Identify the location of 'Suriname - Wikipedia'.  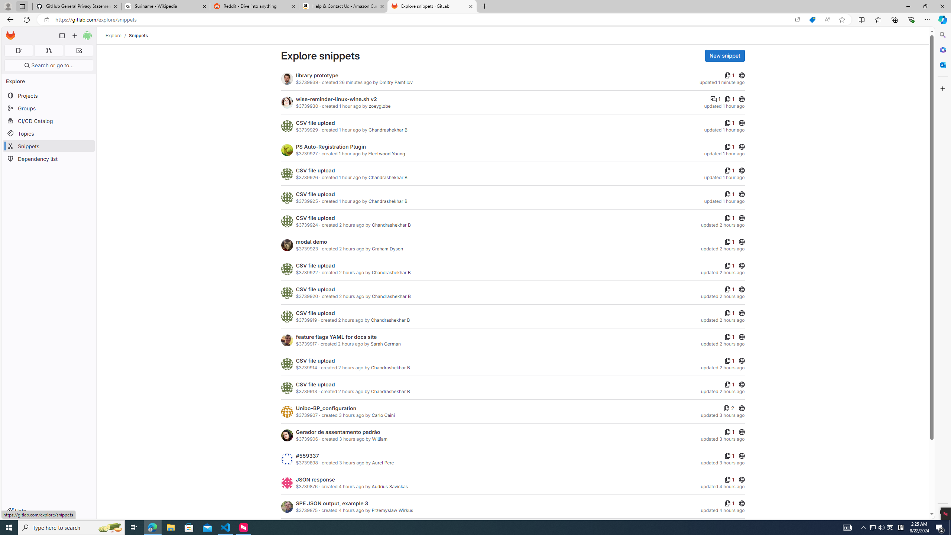
(165, 6).